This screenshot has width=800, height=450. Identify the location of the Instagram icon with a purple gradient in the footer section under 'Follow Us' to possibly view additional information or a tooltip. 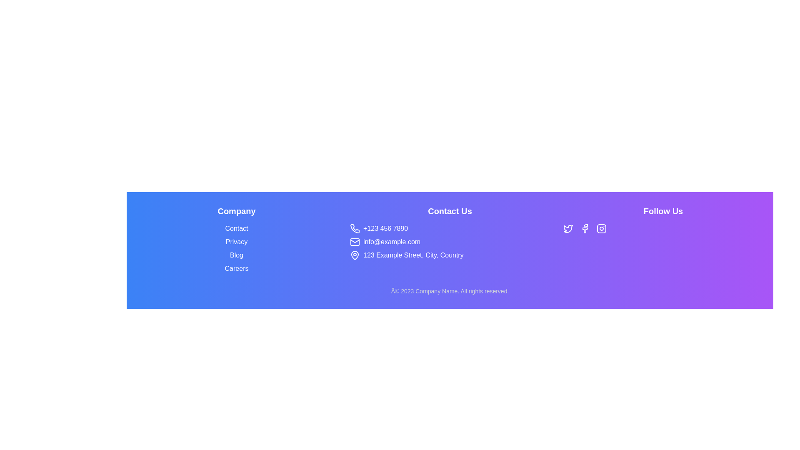
(602, 228).